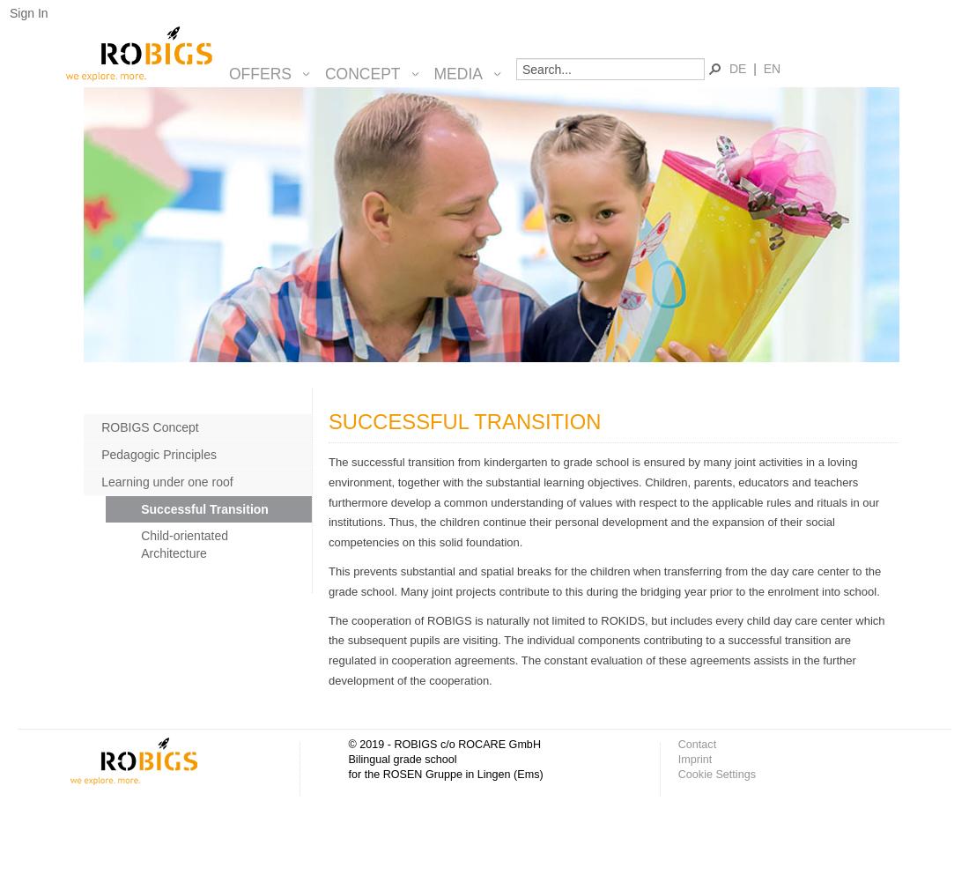  What do you see at coordinates (694, 759) in the screenshot?
I see `'Imprint'` at bounding box center [694, 759].